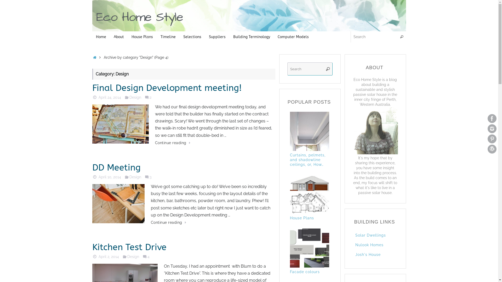 This screenshot has height=282, width=502. Describe the element at coordinates (370, 235) in the screenshot. I see `'Solar Dwellings'` at that location.